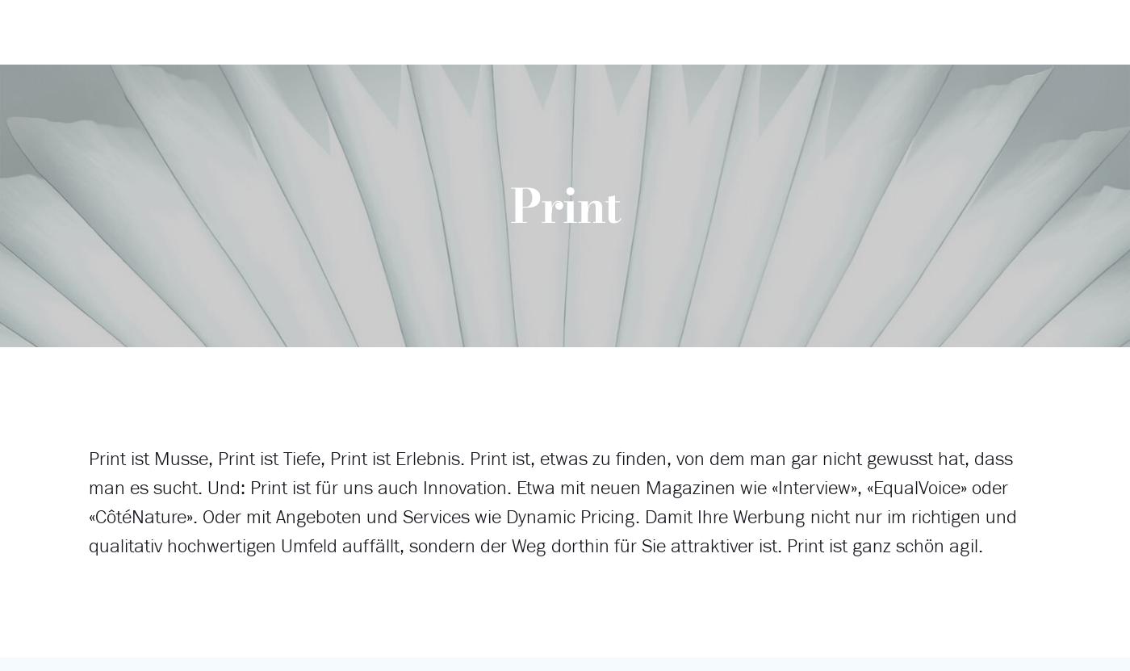  What do you see at coordinates (933, 109) in the screenshot?
I see `'Français'` at bounding box center [933, 109].